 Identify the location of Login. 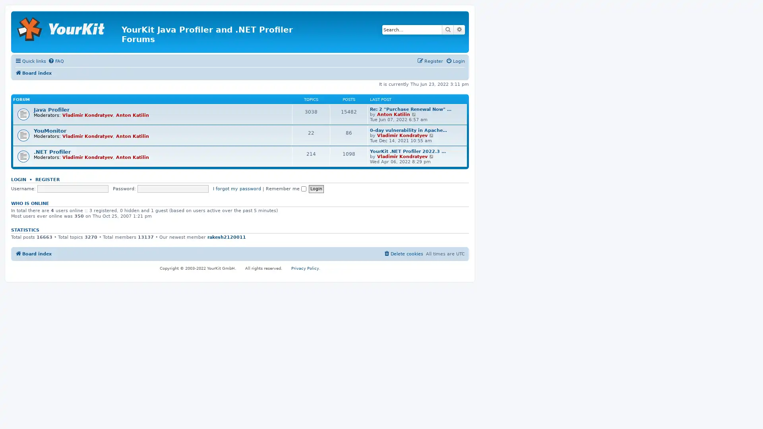
(316, 189).